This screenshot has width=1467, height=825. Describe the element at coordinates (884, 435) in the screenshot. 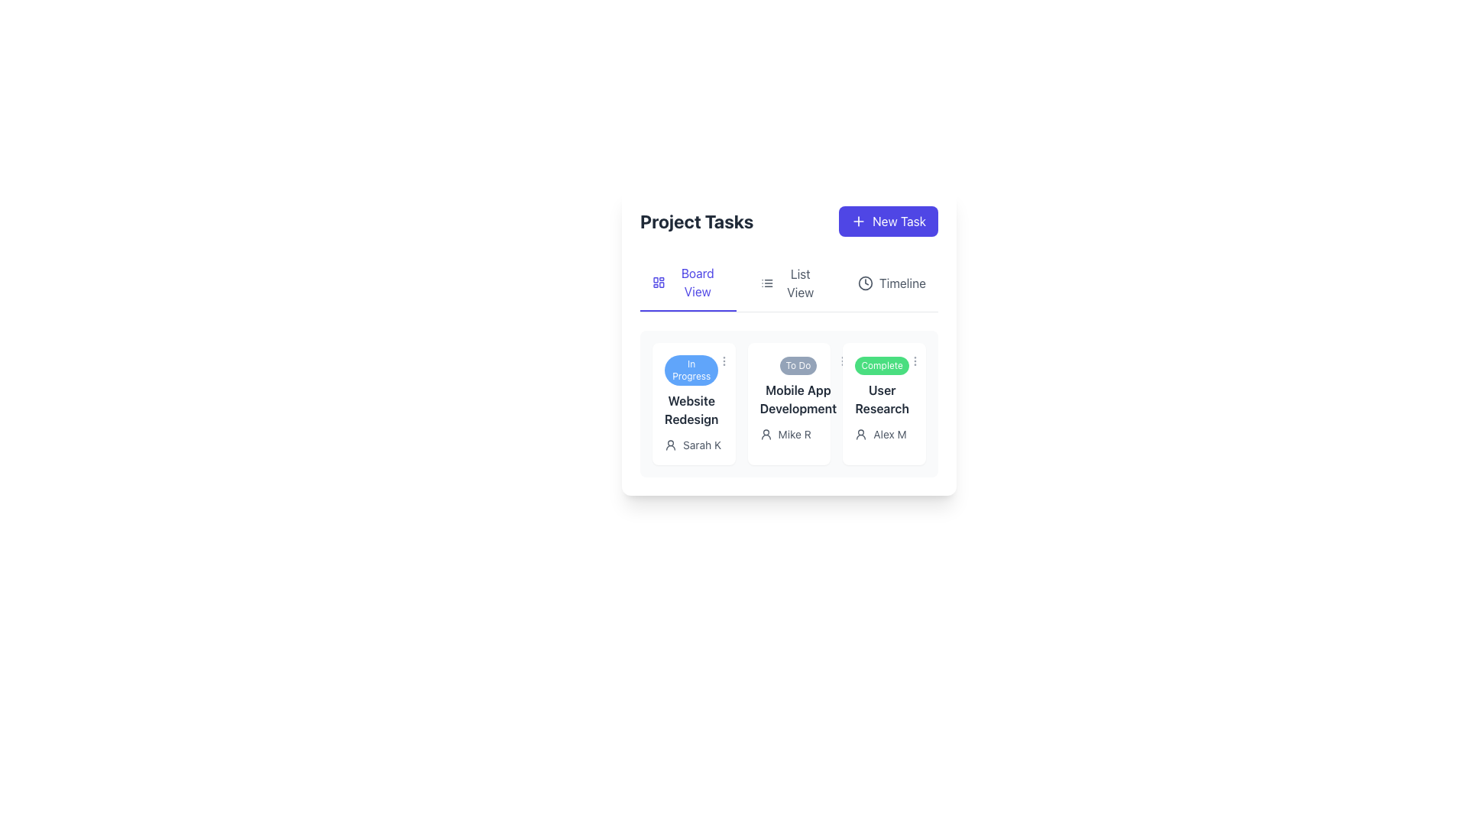

I see `the User Identifier Component indicating 'Alex M' for the 'User Research' task, located at the bottom of the 'User Research' card in the 'Complete' status of the 'Board View'` at that location.